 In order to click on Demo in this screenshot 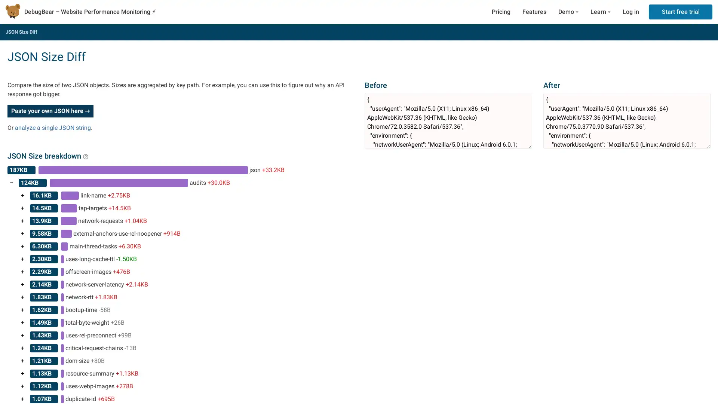, I will do `click(568, 12)`.